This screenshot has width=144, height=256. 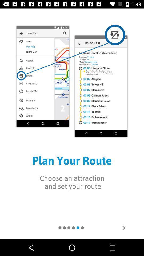 I want to click on next window, so click(x=123, y=227).